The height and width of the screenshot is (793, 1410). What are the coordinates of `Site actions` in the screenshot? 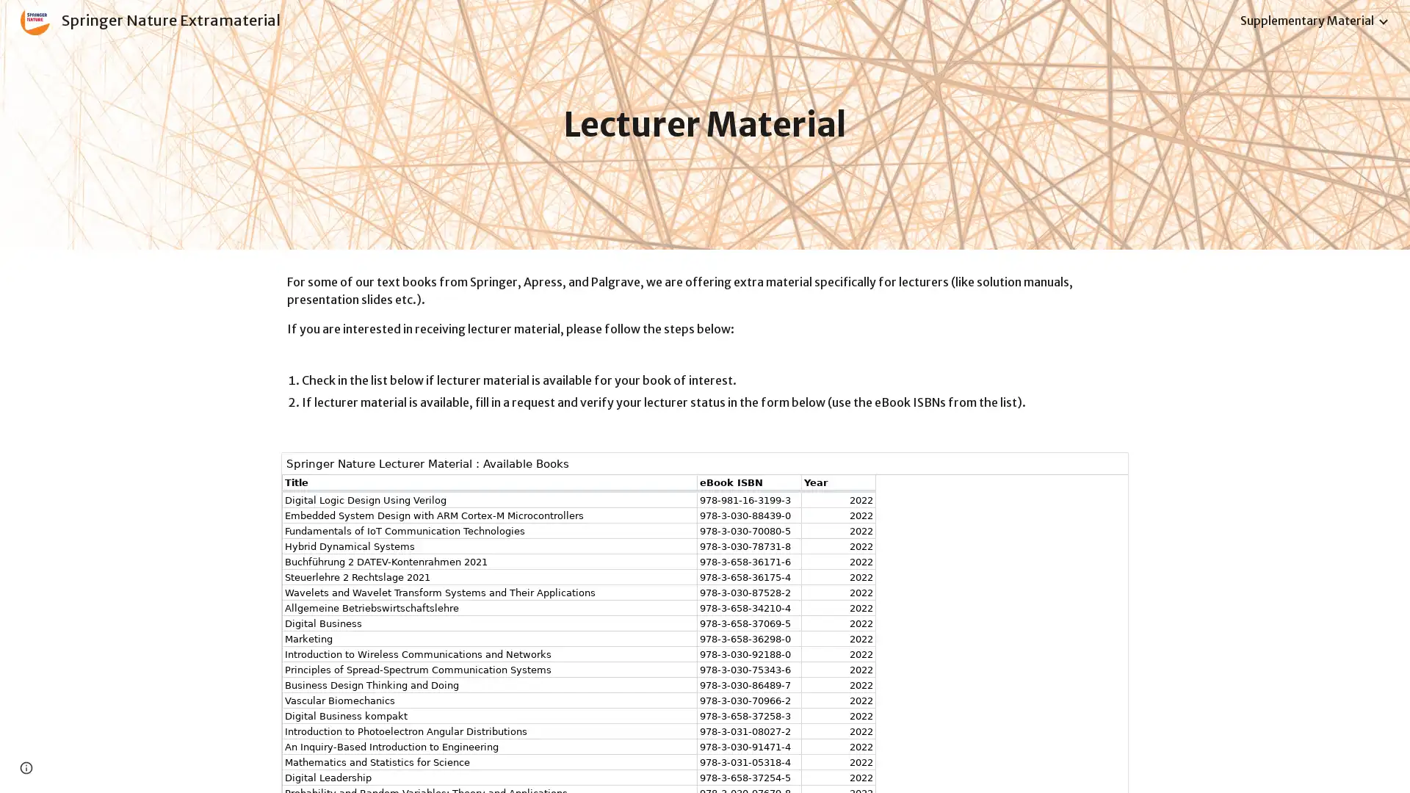 It's located at (26, 767).